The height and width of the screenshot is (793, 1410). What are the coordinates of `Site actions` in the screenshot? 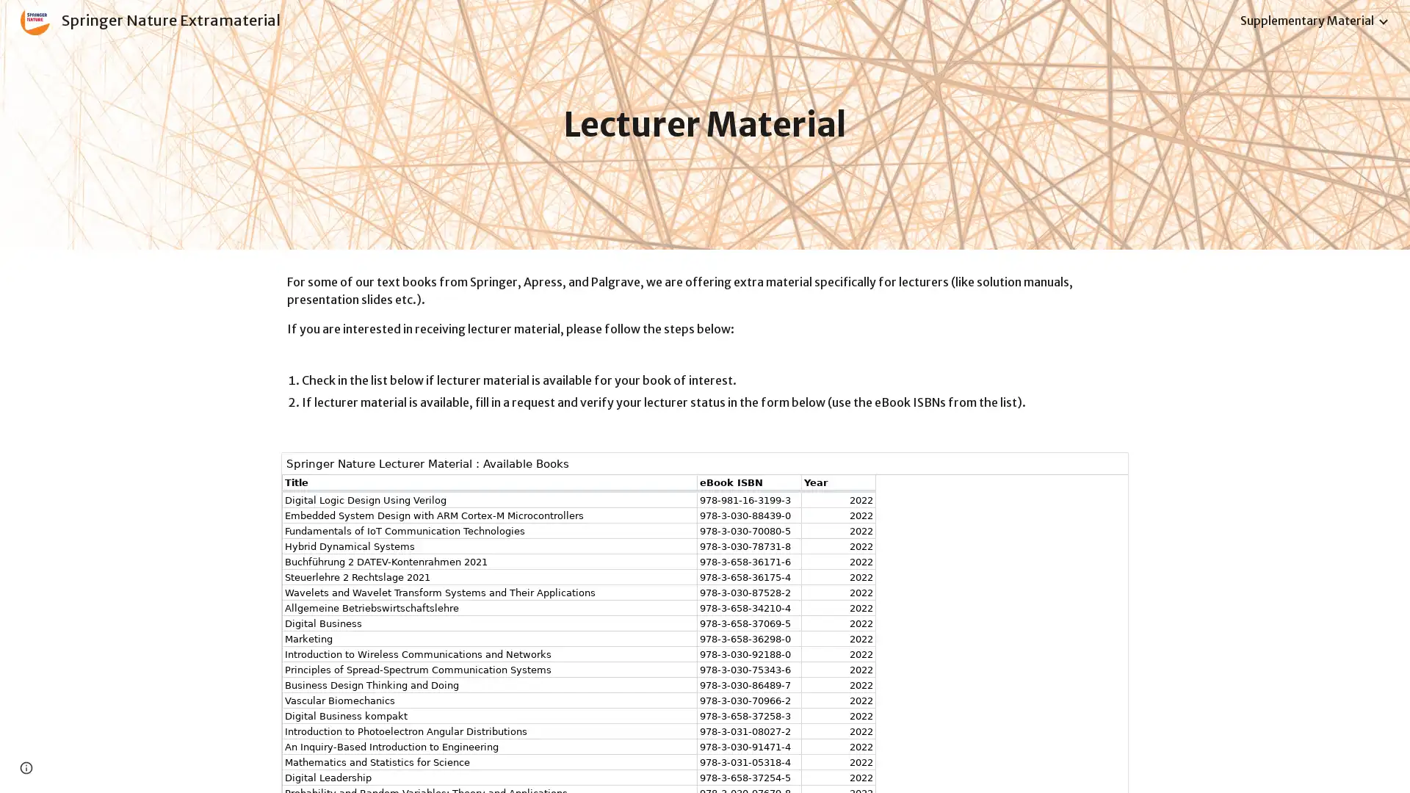 It's located at (26, 767).